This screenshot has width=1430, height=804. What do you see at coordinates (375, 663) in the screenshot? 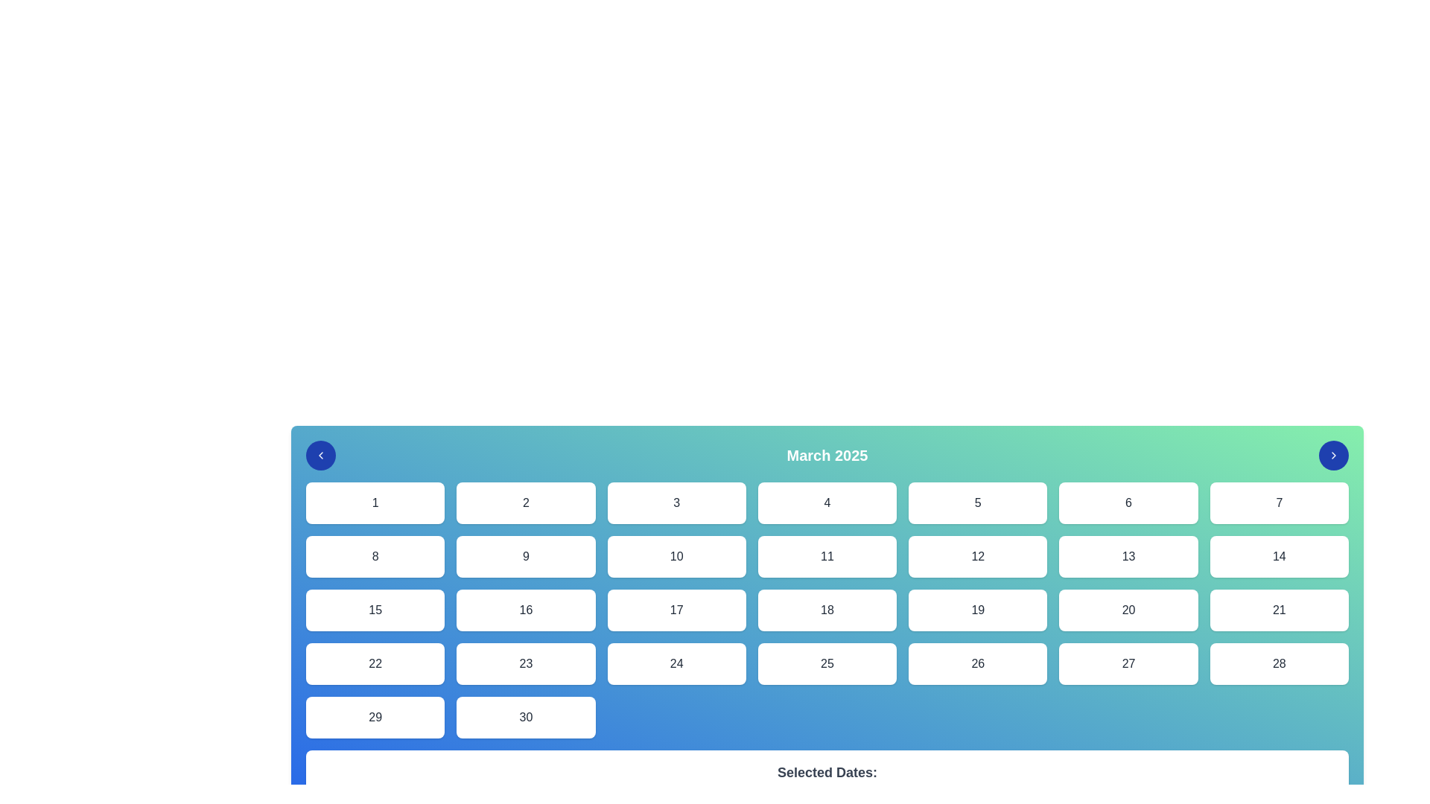
I see `the button-like component containing the number '22', which is located in the fourth row and first column of a grid layout, for rapid selection` at bounding box center [375, 663].